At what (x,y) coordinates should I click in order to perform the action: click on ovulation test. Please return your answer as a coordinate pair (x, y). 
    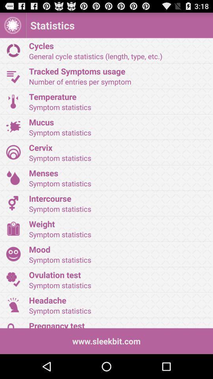
    Looking at the image, I should click on (118, 275).